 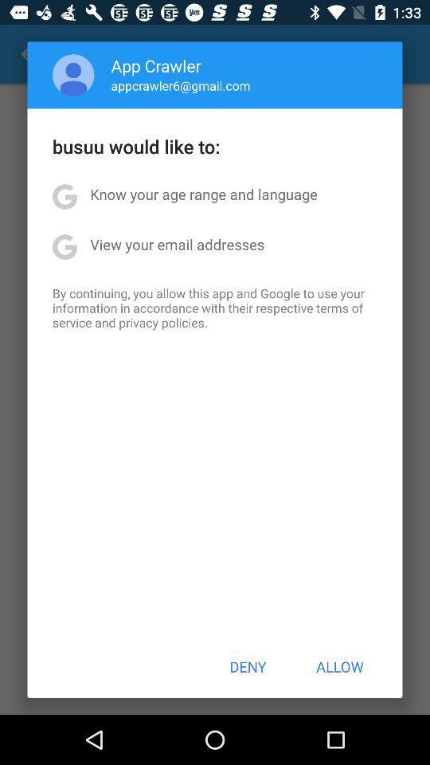 I want to click on app crawler app, so click(x=156, y=65).